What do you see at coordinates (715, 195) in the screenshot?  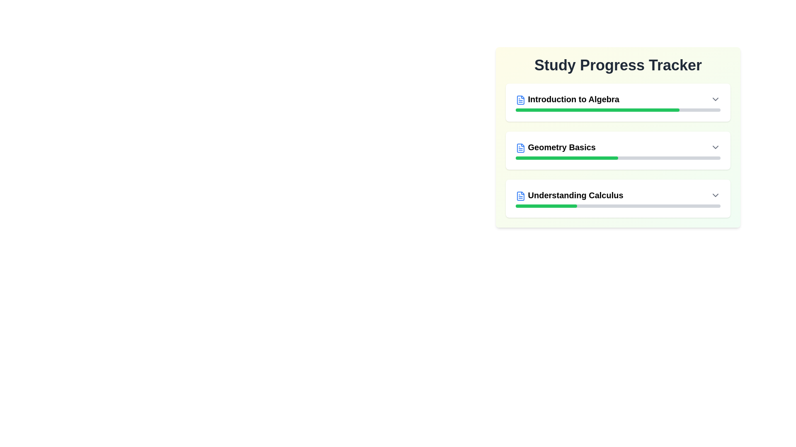 I see `the interactive dropdown toggle icon, represented as a downward-facing chevron, located at the far right of the row containing 'Understanding Calculus'` at bounding box center [715, 195].